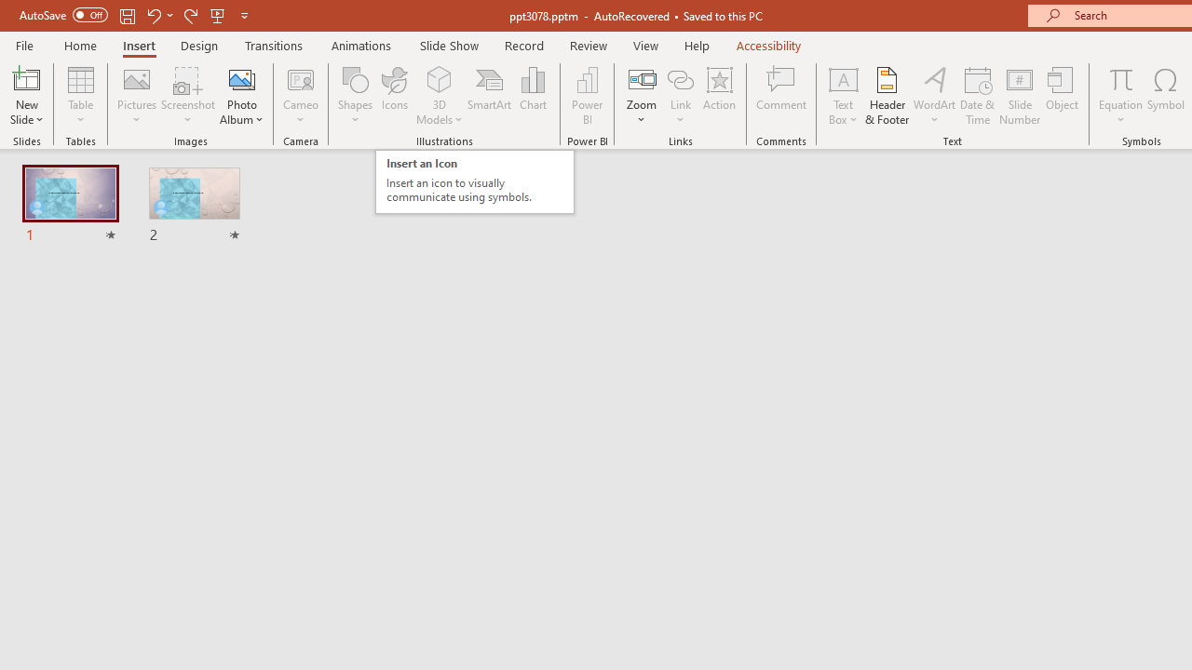 The image size is (1192, 670). I want to click on 'Equation', so click(1119, 96).